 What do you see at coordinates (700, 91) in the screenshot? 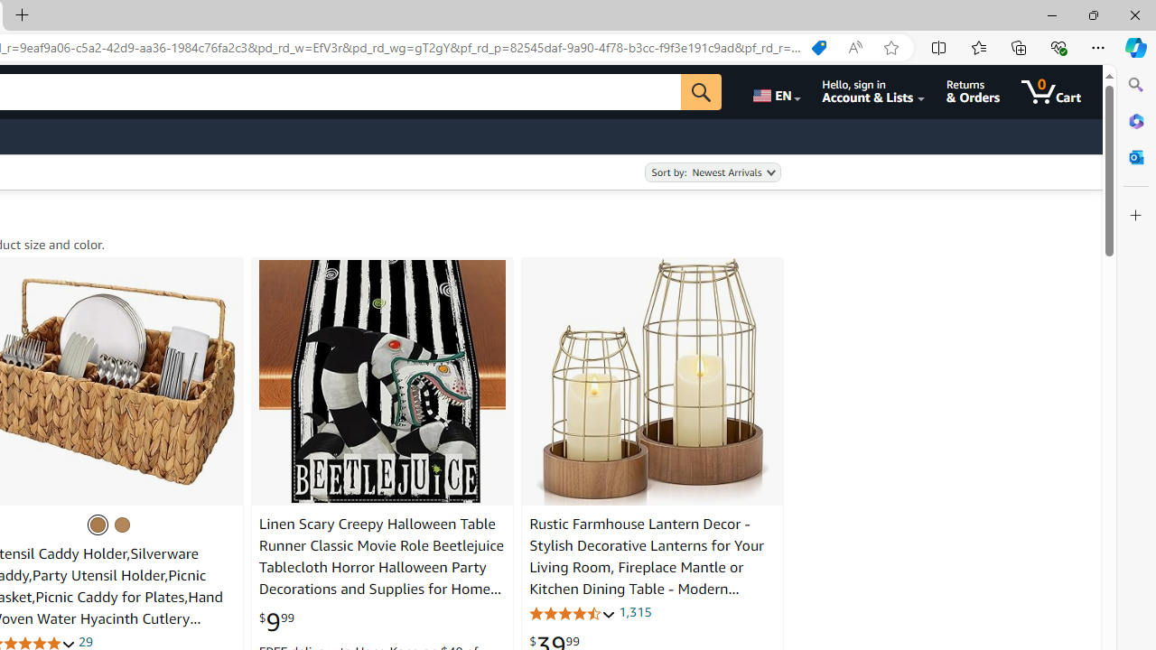
I see `'Go'` at bounding box center [700, 91].